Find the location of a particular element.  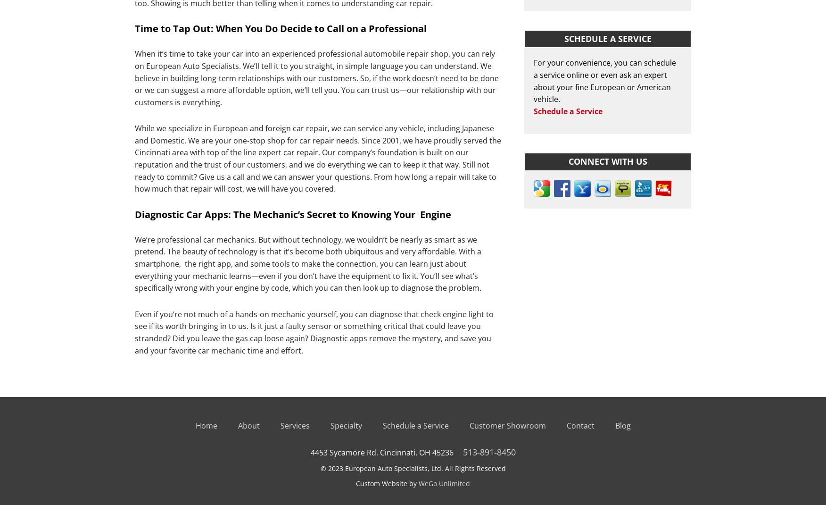

'© 2023 European Auto Specialists, Ltd. All Rights Reserved' is located at coordinates (412, 468).